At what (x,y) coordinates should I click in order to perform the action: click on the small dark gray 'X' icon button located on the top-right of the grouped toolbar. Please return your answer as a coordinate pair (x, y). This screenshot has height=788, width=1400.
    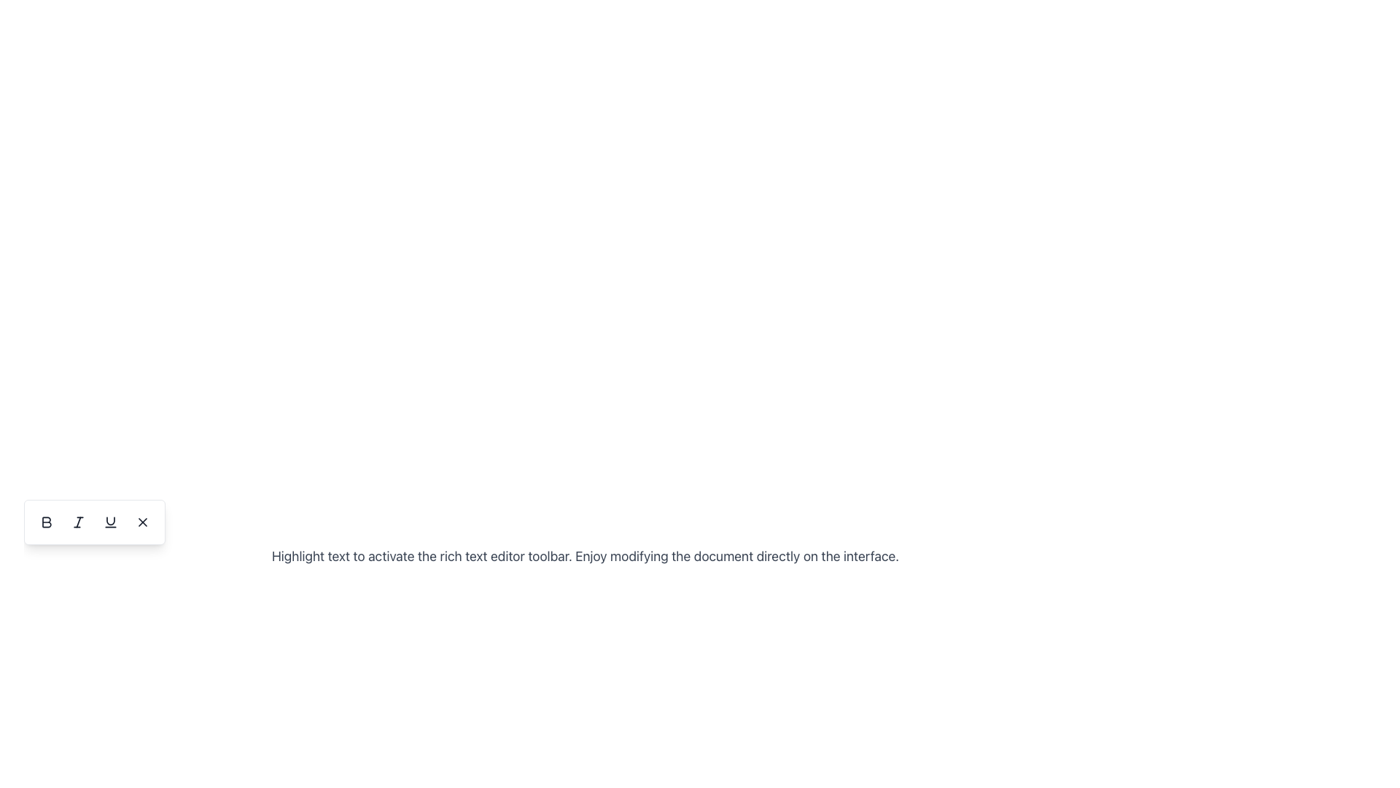
    Looking at the image, I should click on (143, 522).